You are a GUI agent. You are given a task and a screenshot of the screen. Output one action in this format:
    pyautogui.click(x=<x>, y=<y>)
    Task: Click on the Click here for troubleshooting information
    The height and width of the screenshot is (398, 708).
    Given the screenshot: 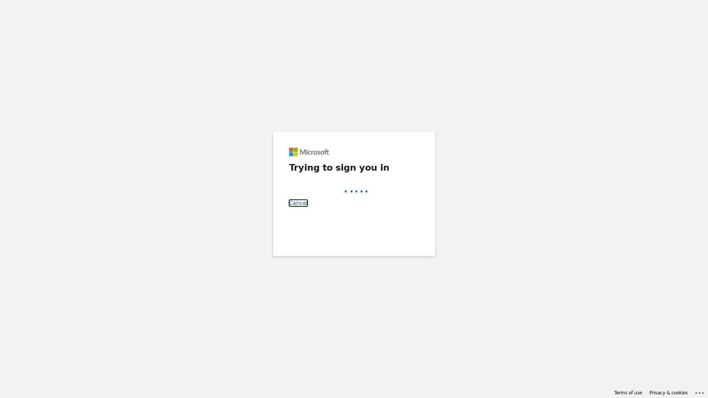 What is the action you would take?
    pyautogui.click(x=700, y=391)
    